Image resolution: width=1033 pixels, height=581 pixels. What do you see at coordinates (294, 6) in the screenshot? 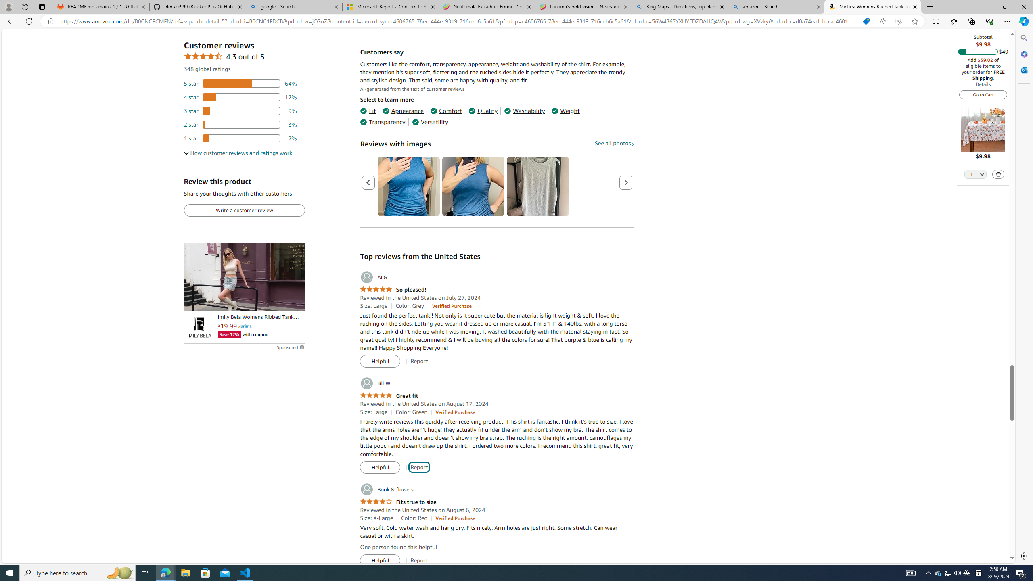
I see `'google - Search'` at bounding box center [294, 6].